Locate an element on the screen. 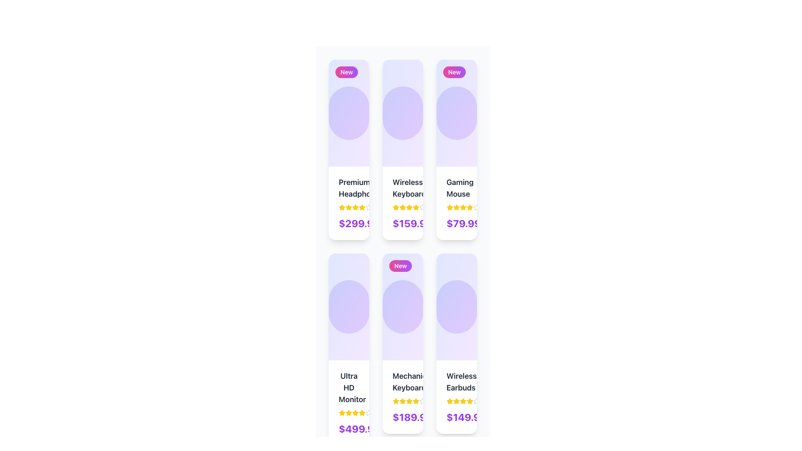 The image size is (802, 451). the third yellow star icon in the rating system for 'Gaming Mouse', which indicates an active rating state is located at coordinates (456, 207).